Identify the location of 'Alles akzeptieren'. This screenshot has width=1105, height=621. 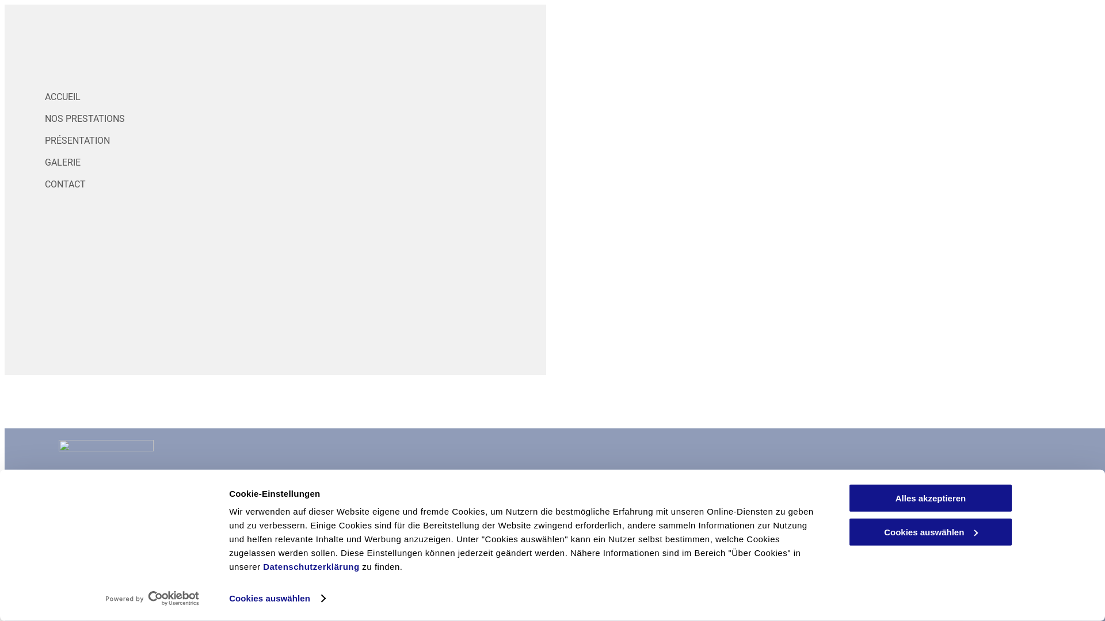
(931, 497).